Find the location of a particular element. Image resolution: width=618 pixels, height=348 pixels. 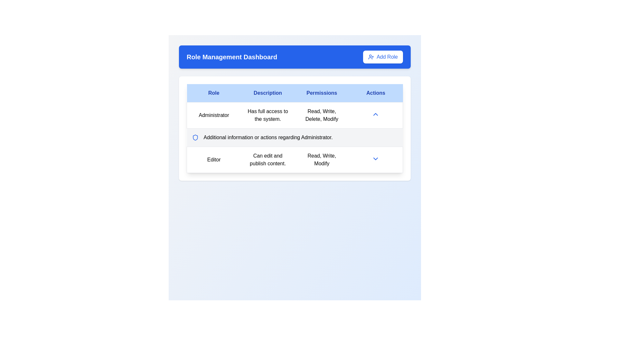

text of the 'Administrator' label in the Role column of the table is located at coordinates (214, 115).